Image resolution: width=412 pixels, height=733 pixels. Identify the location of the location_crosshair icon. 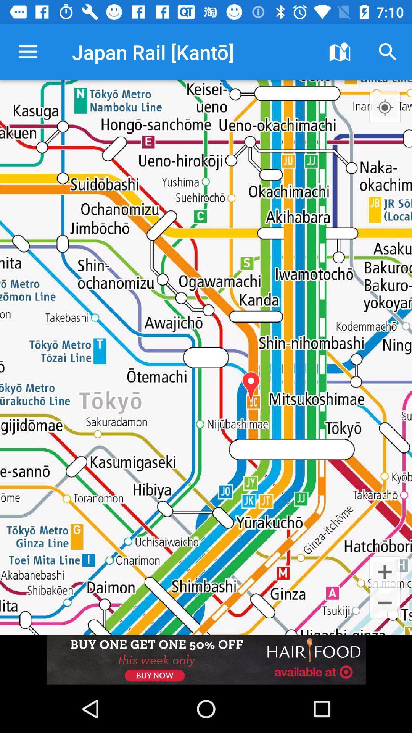
(385, 107).